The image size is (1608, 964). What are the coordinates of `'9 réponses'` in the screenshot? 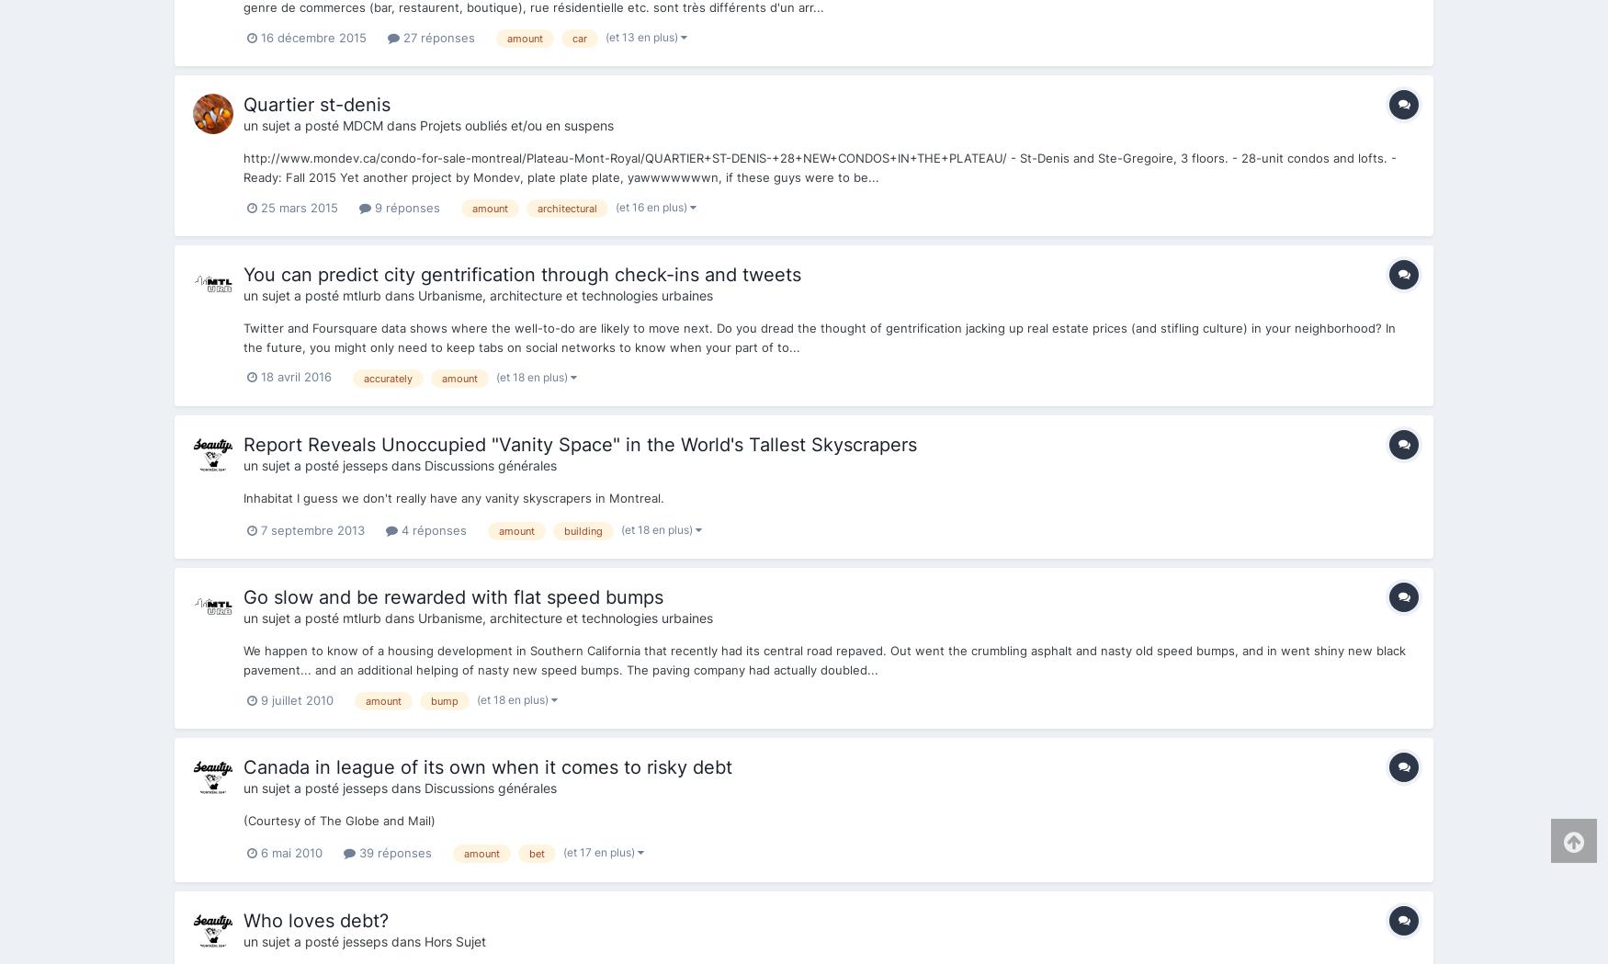 It's located at (405, 207).